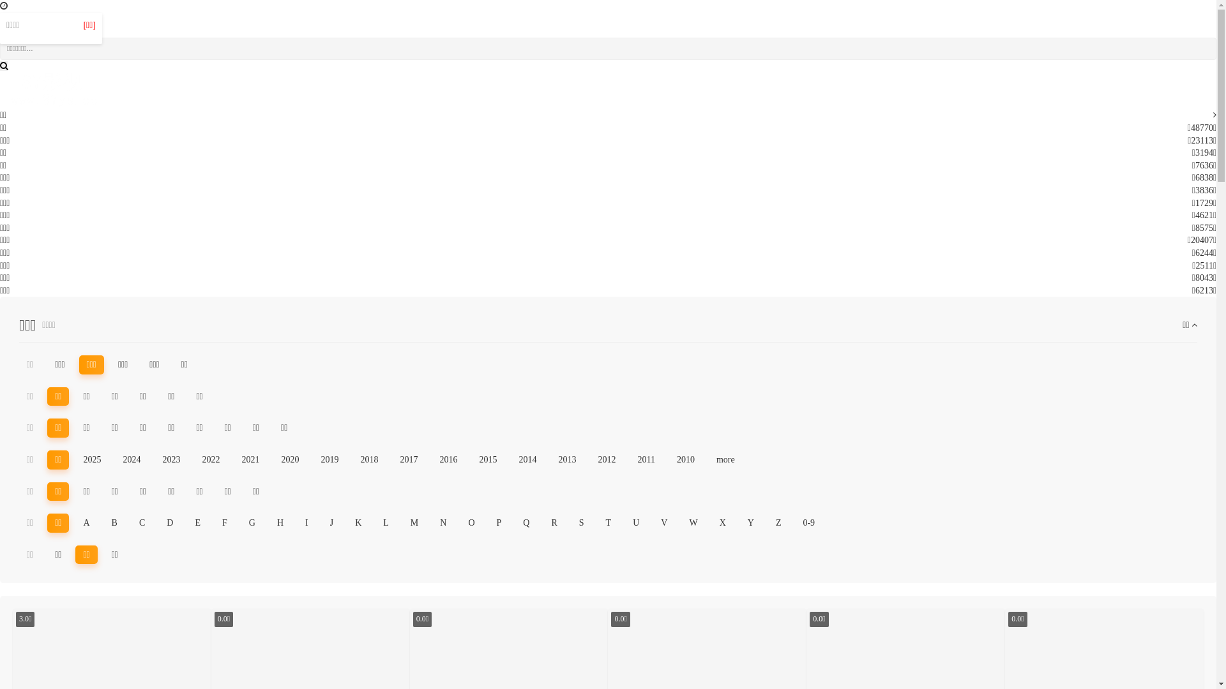  Describe the element at coordinates (407, 460) in the screenshot. I see `'2017'` at that location.